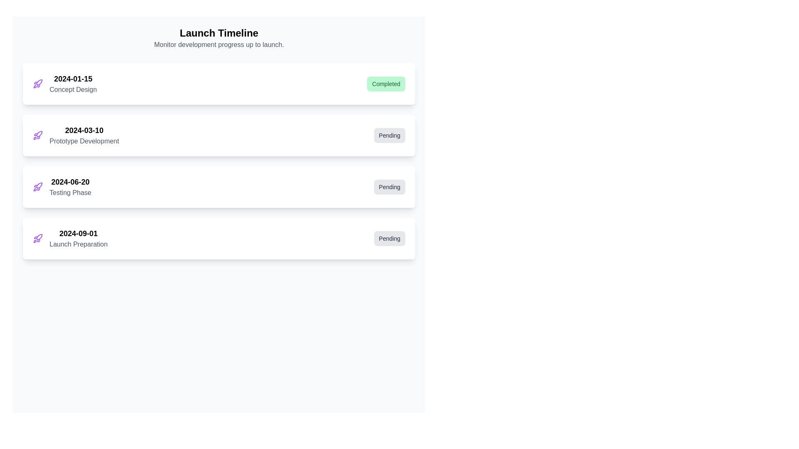  I want to click on date and name of the milestone displayed in the 'Prototype Development' text block, which is the second item in the 'Launch Timeline' vertical list, so click(84, 135).